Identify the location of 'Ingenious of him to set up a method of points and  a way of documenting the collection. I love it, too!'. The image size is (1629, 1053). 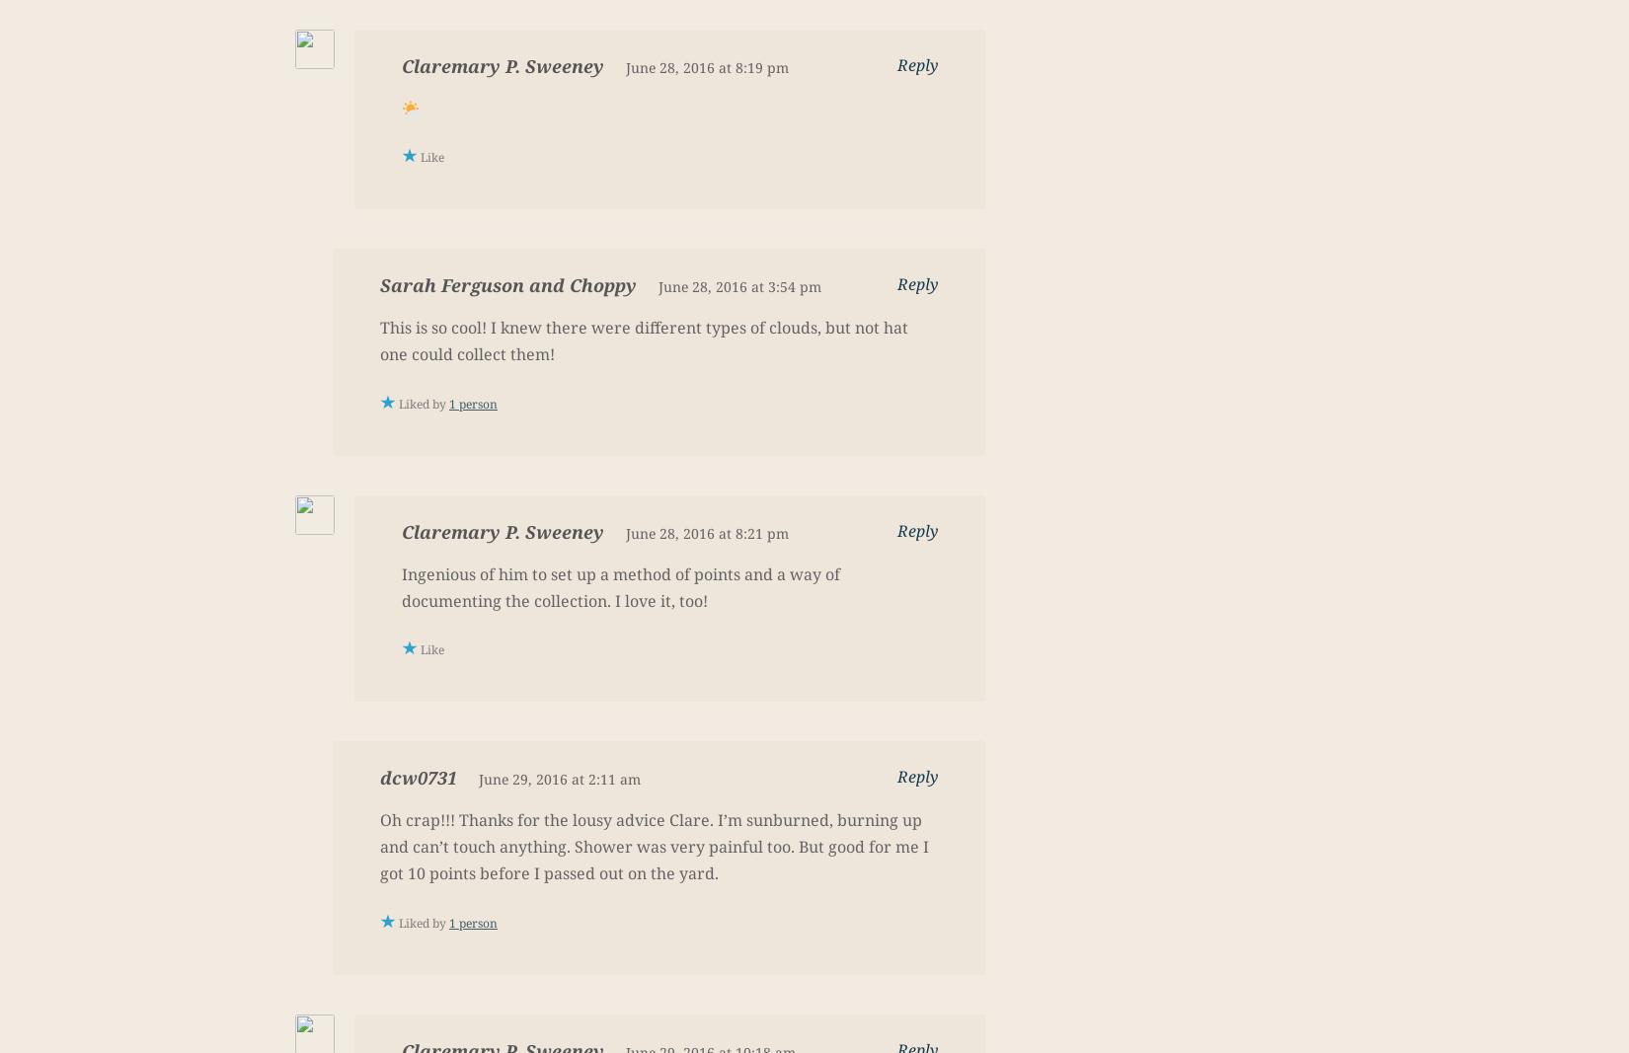
(402, 586).